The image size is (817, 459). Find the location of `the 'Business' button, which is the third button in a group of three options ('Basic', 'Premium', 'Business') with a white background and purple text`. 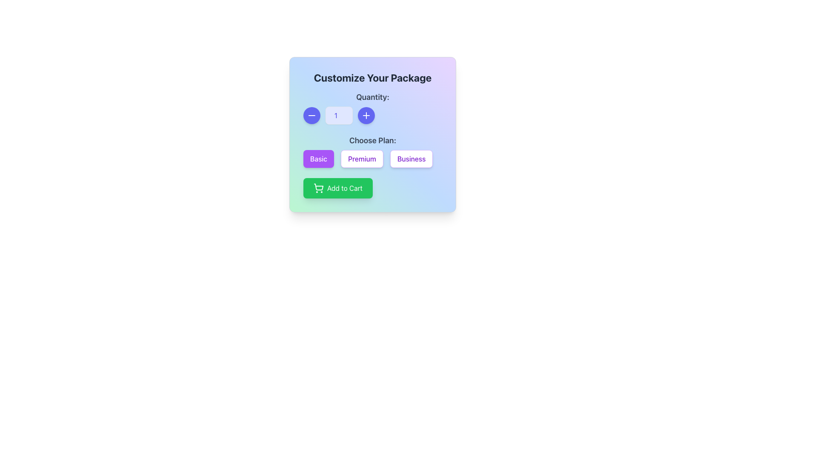

the 'Business' button, which is the third button in a group of three options ('Basic', 'Premium', 'Business') with a white background and purple text is located at coordinates (411, 159).